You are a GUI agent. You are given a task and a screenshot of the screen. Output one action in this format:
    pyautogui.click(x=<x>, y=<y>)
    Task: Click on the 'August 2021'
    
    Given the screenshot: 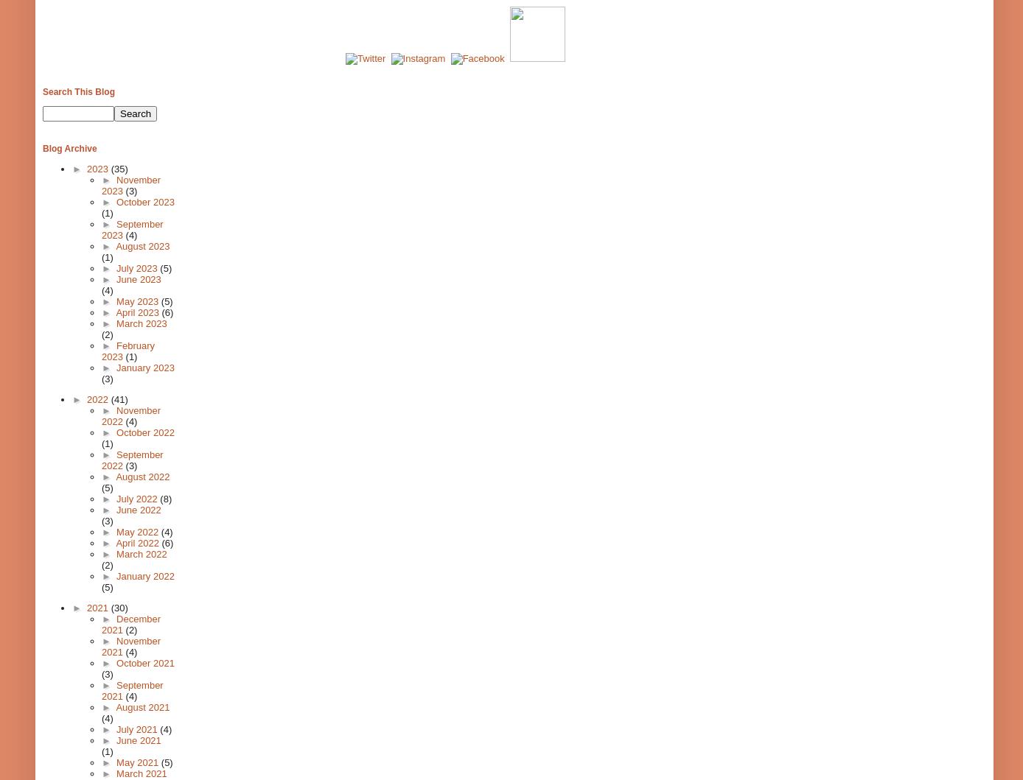 What is the action you would take?
    pyautogui.click(x=142, y=706)
    